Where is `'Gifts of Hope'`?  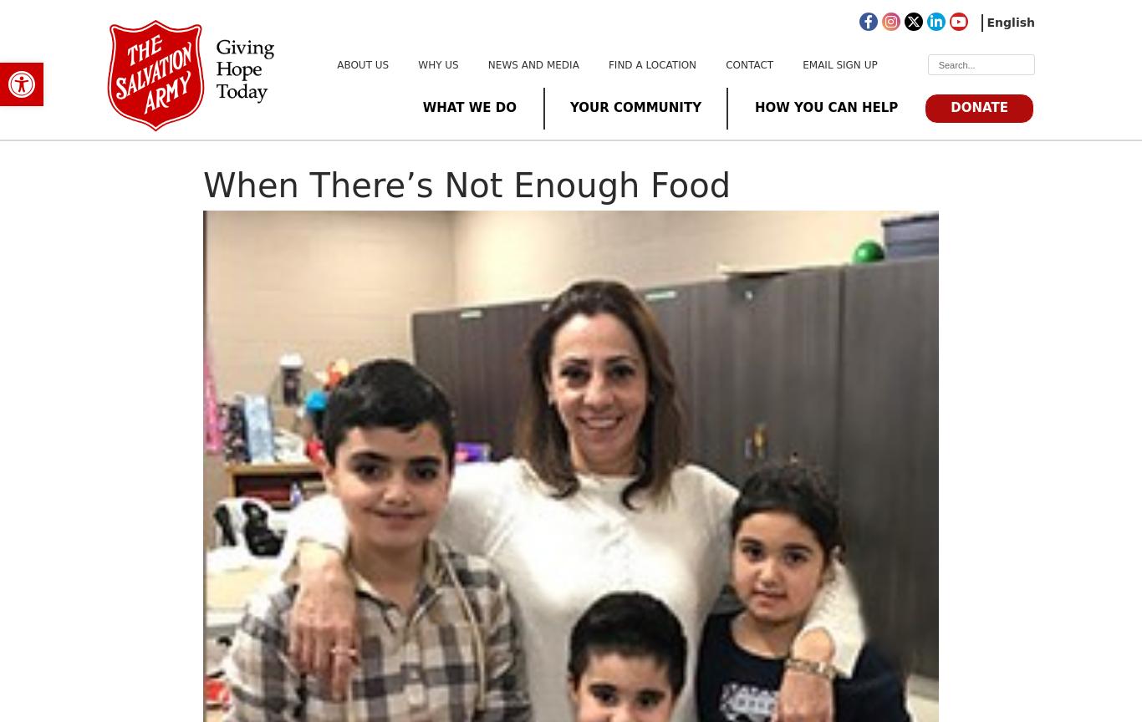
'Gifts of Hope' is located at coordinates (682, 247).